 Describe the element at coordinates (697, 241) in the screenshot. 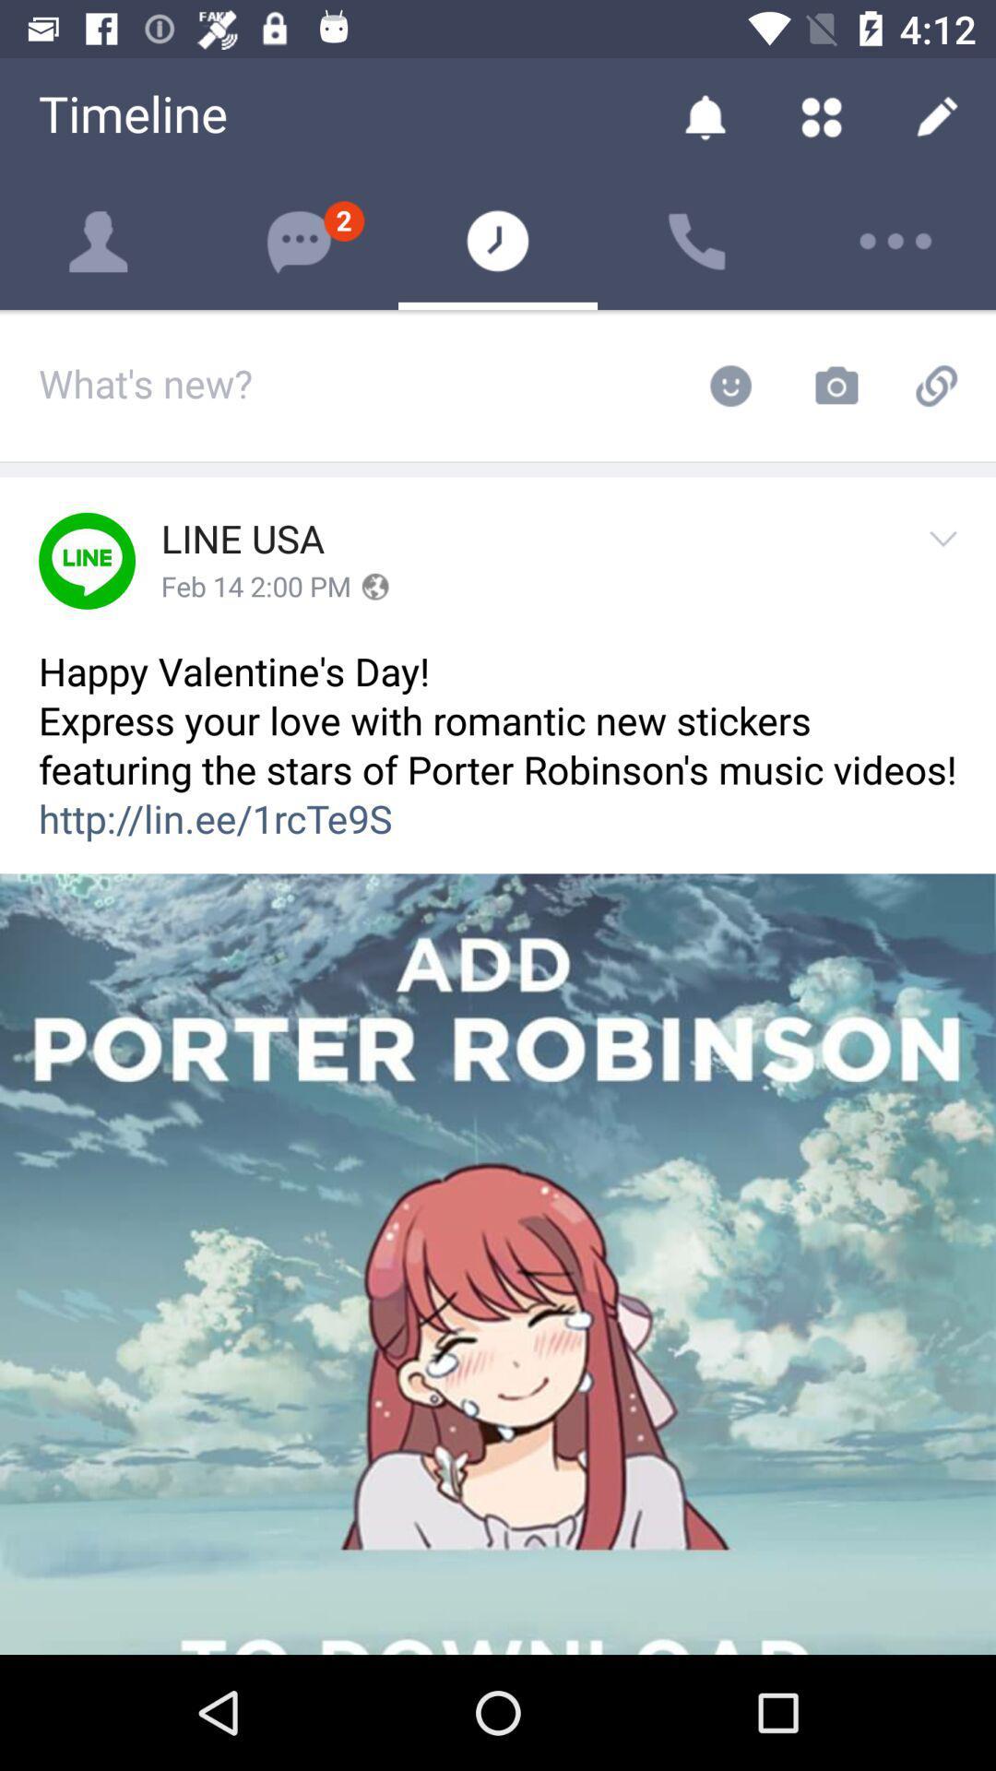

I see `the dailer icon at the top of the page` at that location.